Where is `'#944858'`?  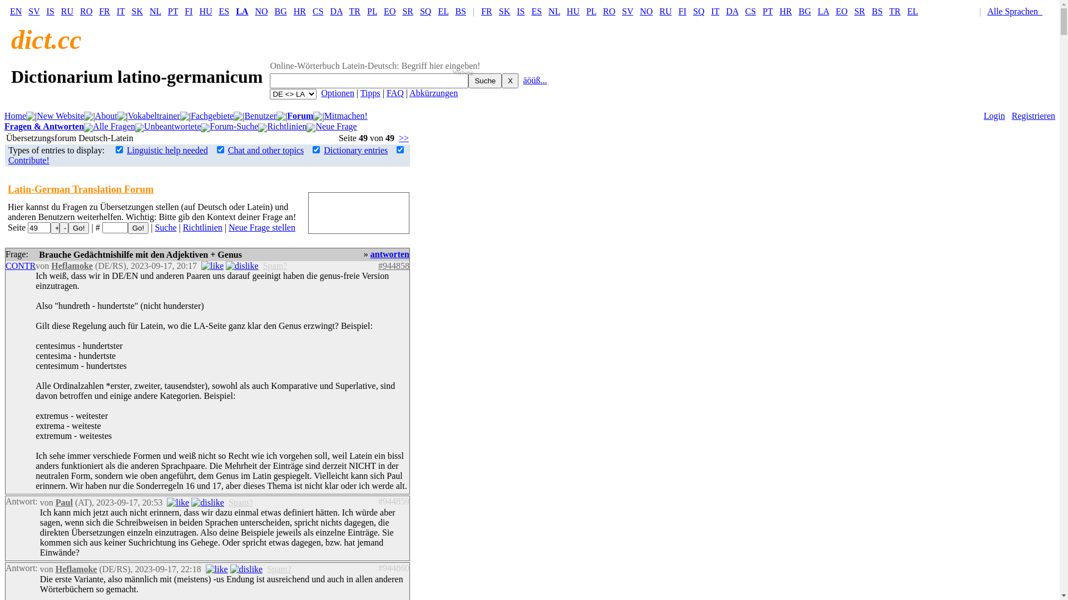 '#944858' is located at coordinates (378, 266).